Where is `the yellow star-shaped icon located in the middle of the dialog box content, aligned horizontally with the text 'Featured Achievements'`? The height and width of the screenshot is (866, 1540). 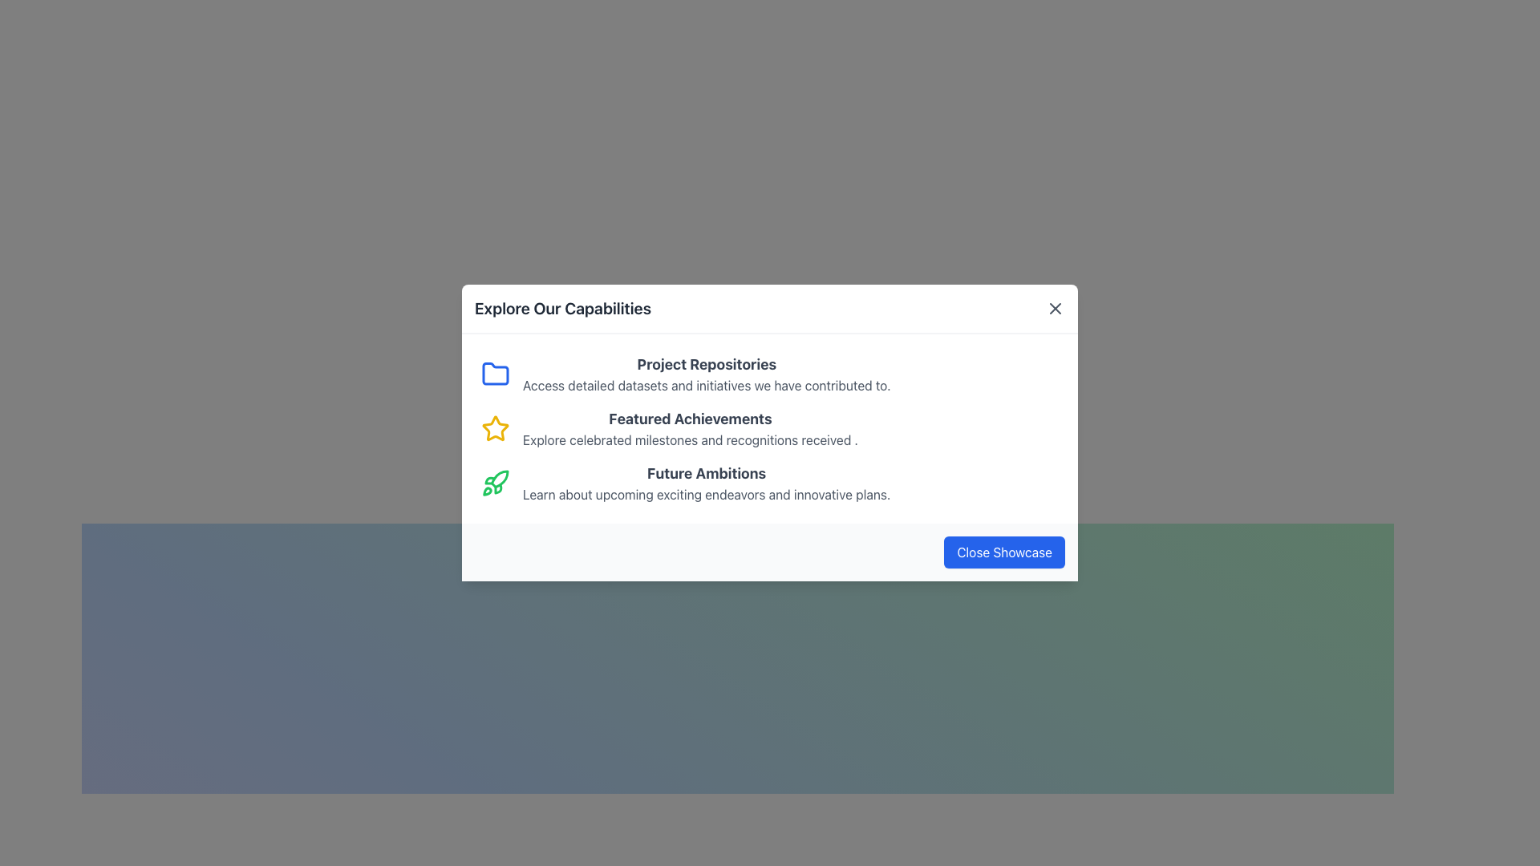 the yellow star-shaped icon located in the middle of the dialog box content, aligned horizontally with the text 'Featured Achievements' is located at coordinates (495, 427).